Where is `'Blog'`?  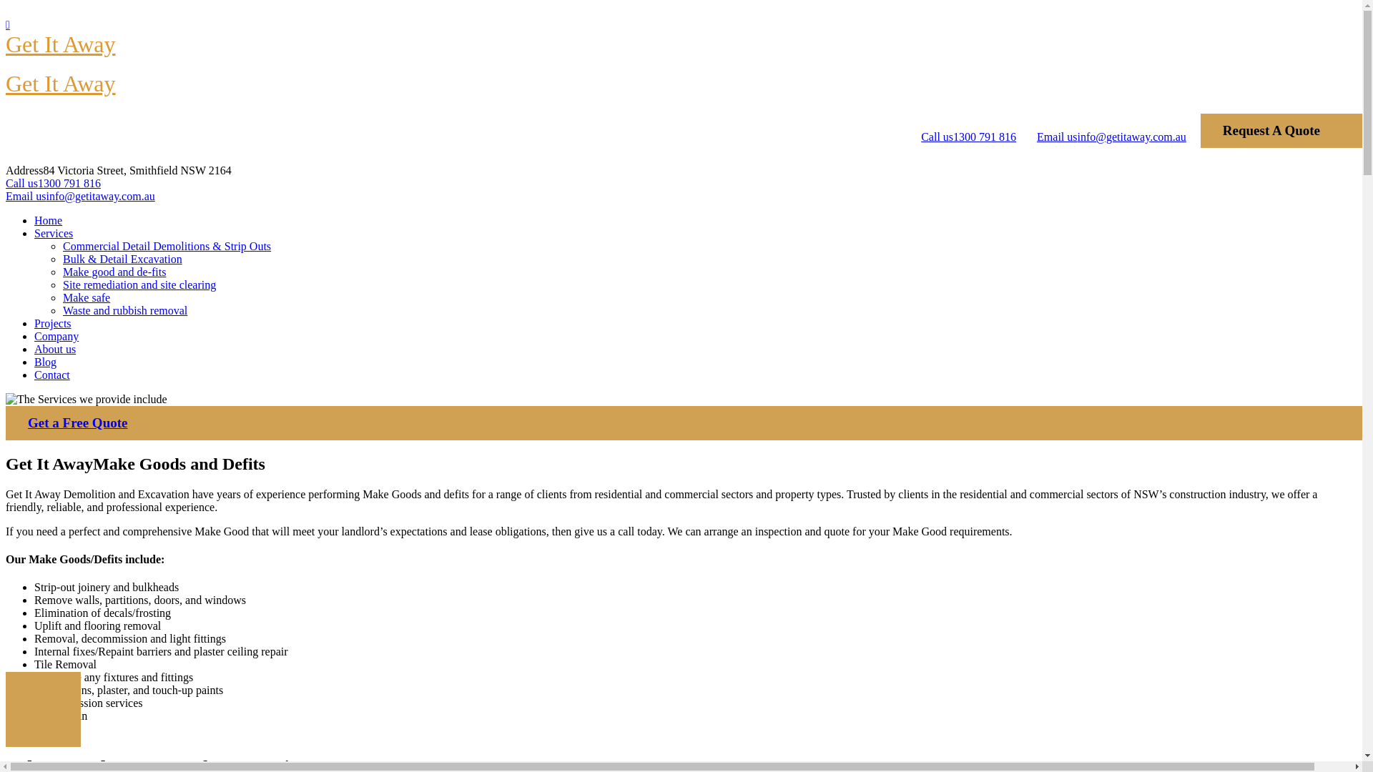
'Blog' is located at coordinates (45, 361).